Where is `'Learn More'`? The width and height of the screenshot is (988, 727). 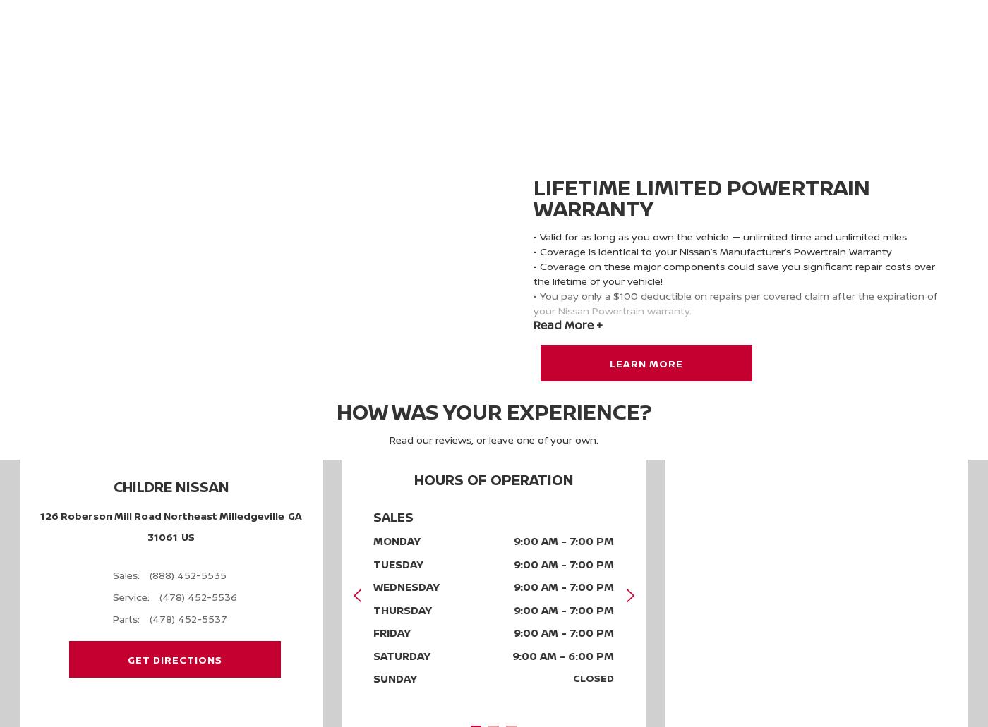
'Learn More' is located at coordinates (646, 362).